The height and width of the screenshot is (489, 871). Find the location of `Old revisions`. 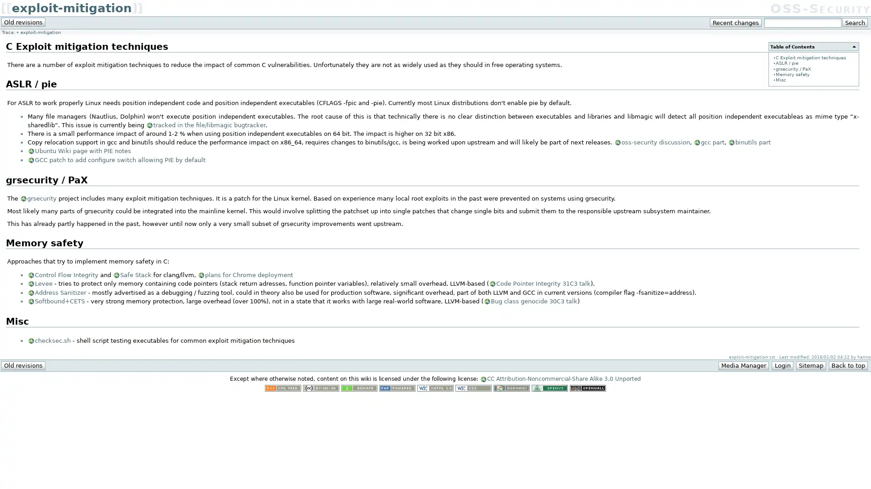

Old revisions is located at coordinates (23, 364).